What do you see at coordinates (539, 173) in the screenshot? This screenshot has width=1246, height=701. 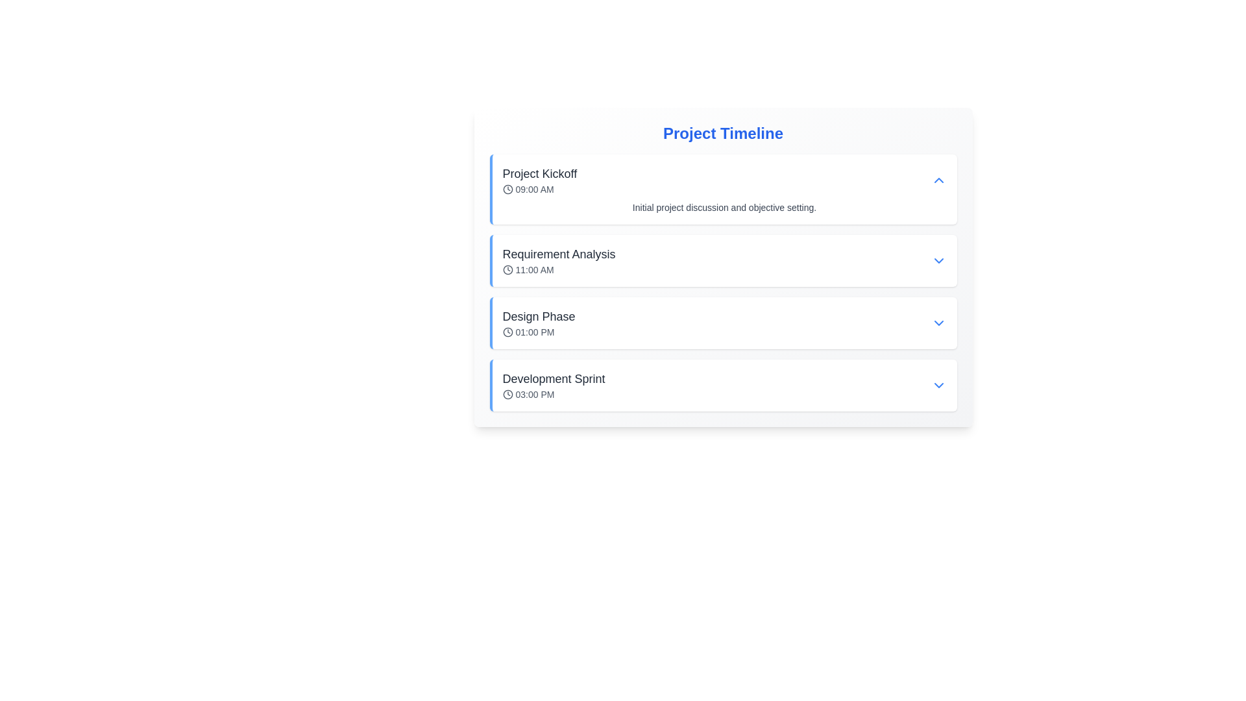 I see `the text label that serves as the title or heading for the associated timeline event, located in the top-left segment of the grouped item above '09:00 AM'` at bounding box center [539, 173].